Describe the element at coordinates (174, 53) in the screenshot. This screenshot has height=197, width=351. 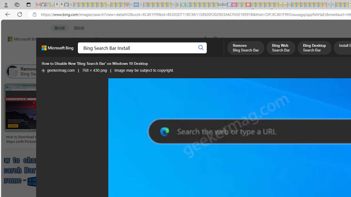
I see `'ACADEMIC'` at that location.